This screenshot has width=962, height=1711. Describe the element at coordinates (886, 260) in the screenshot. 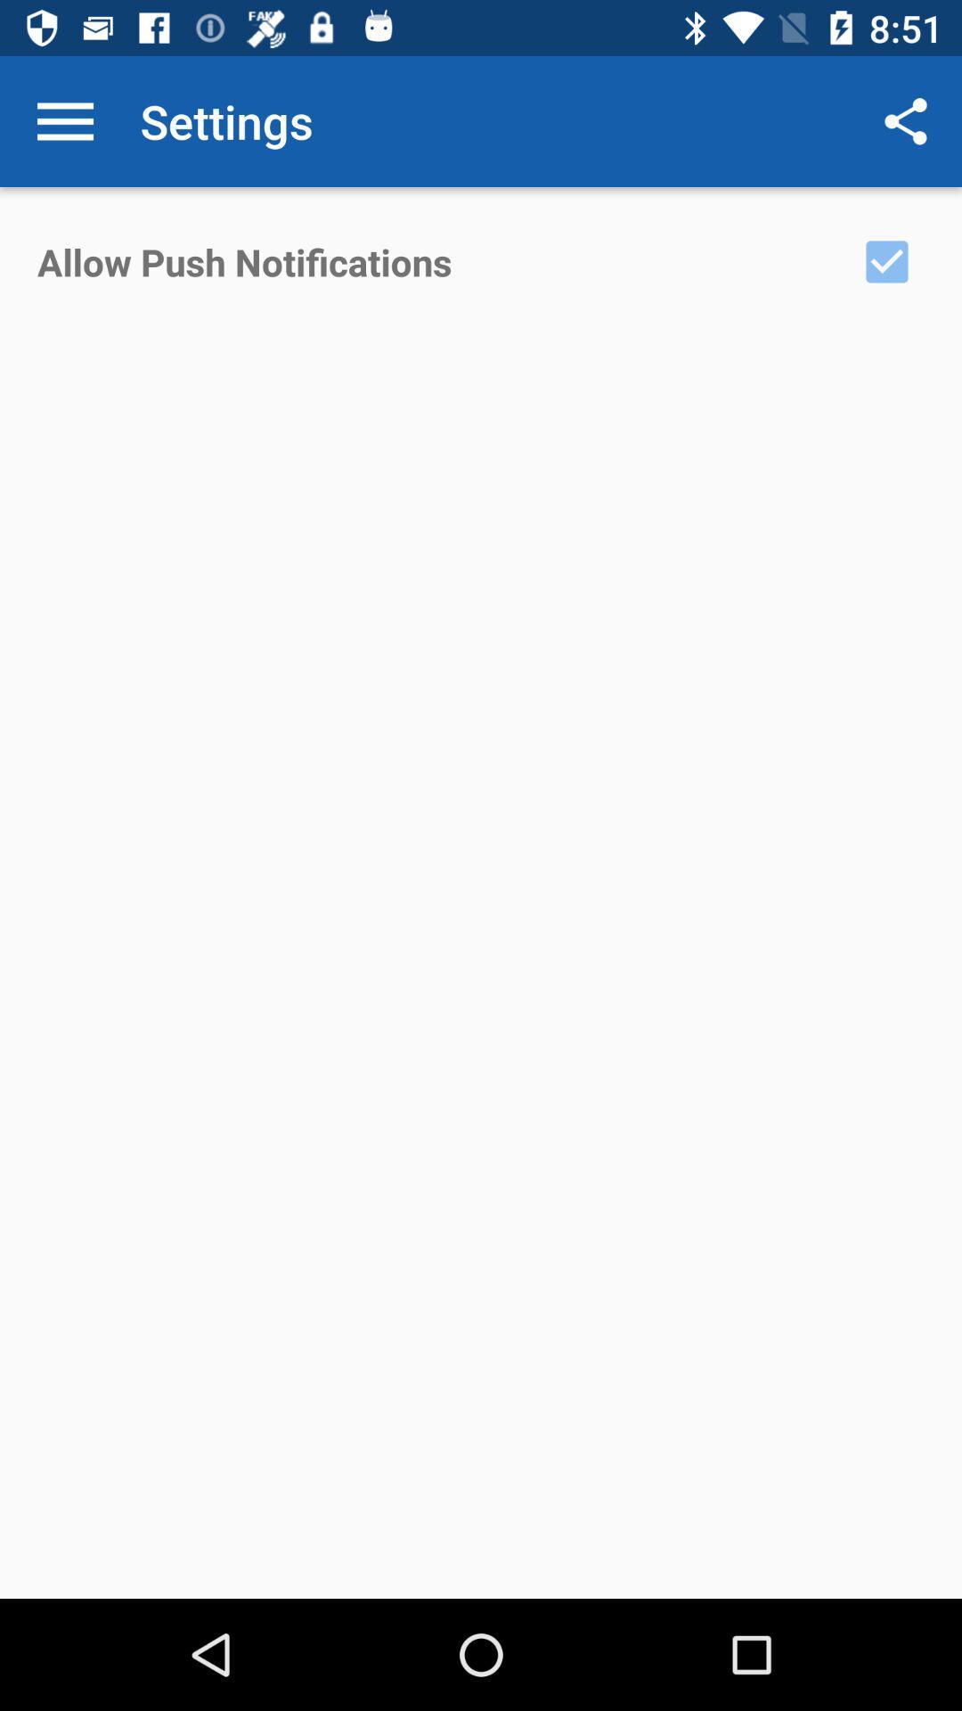

I see `allow push notifications` at that location.